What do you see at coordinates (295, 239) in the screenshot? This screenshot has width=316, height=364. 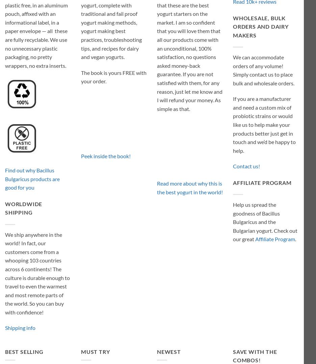 I see `'.'` at bounding box center [295, 239].